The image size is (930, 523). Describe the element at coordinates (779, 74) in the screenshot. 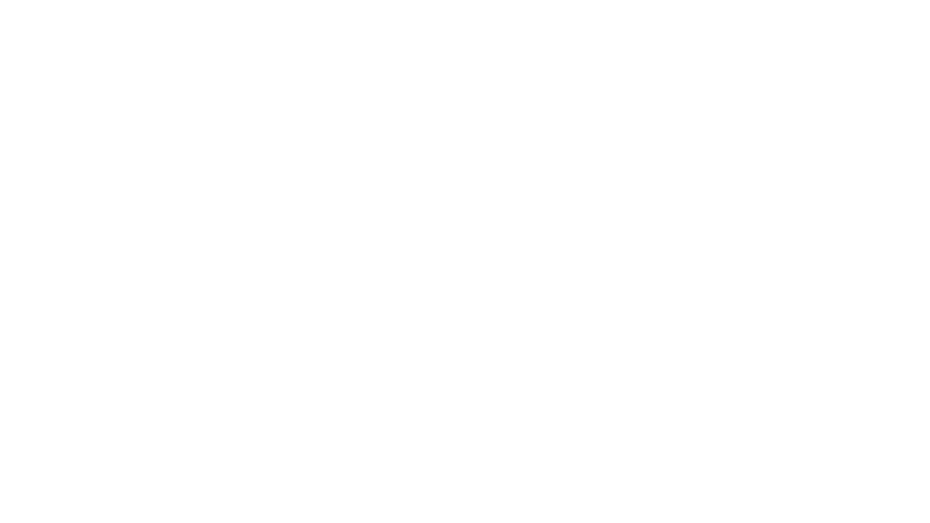

I see `Toggle sidebar` at that location.